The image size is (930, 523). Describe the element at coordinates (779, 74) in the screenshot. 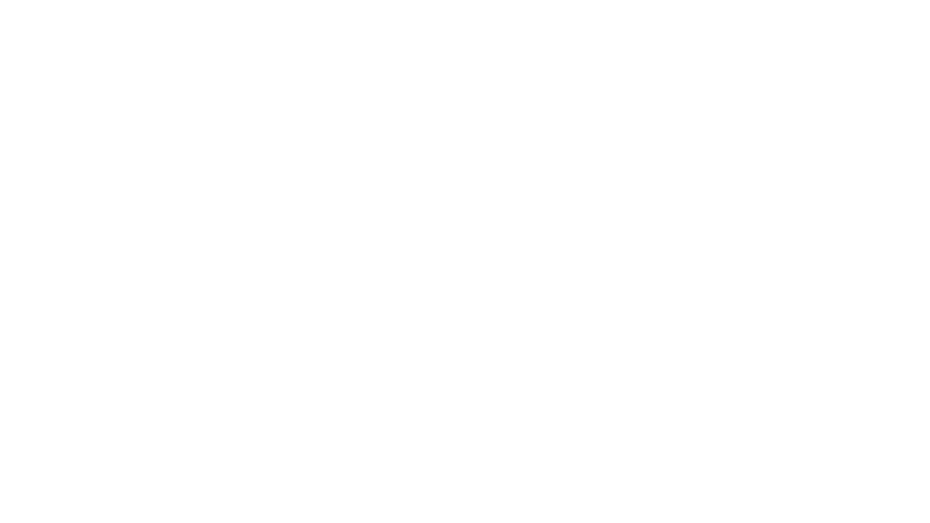

I see `Toggle sidebar` at that location.